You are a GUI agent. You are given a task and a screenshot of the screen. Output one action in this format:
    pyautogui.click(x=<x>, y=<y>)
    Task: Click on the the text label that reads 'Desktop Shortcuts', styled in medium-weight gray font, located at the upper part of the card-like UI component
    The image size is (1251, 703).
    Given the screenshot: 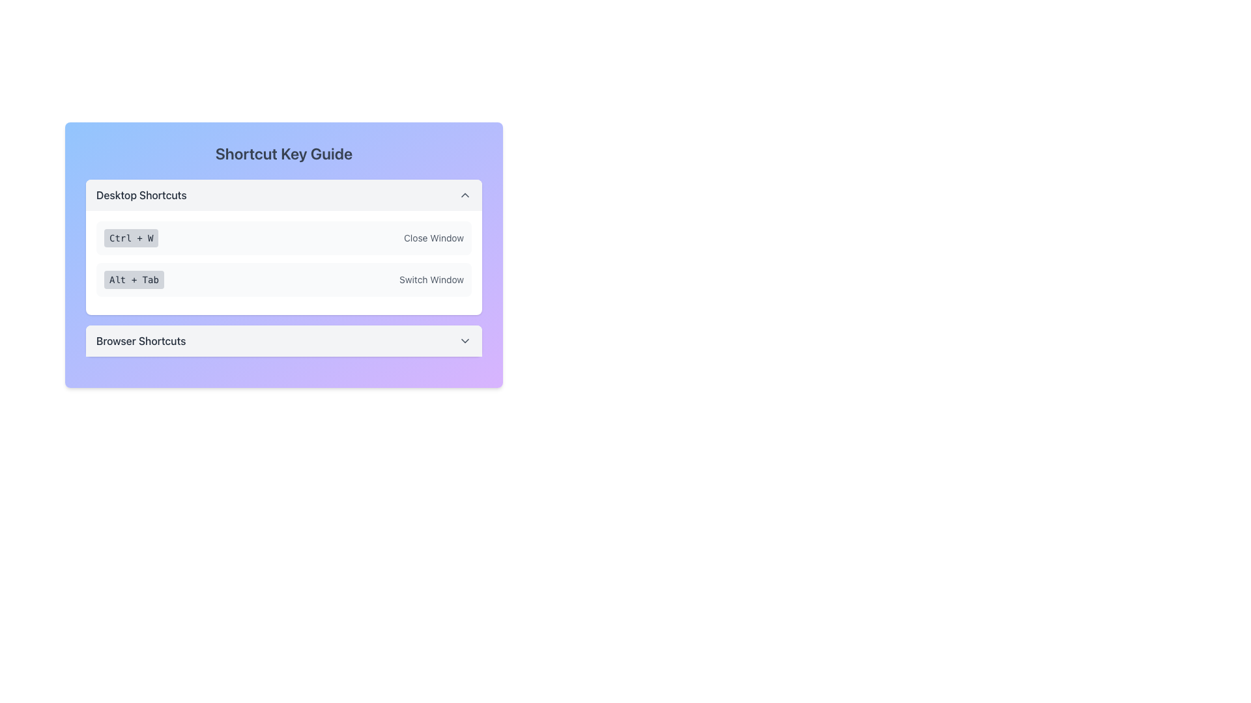 What is the action you would take?
    pyautogui.click(x=141, y=195)
    